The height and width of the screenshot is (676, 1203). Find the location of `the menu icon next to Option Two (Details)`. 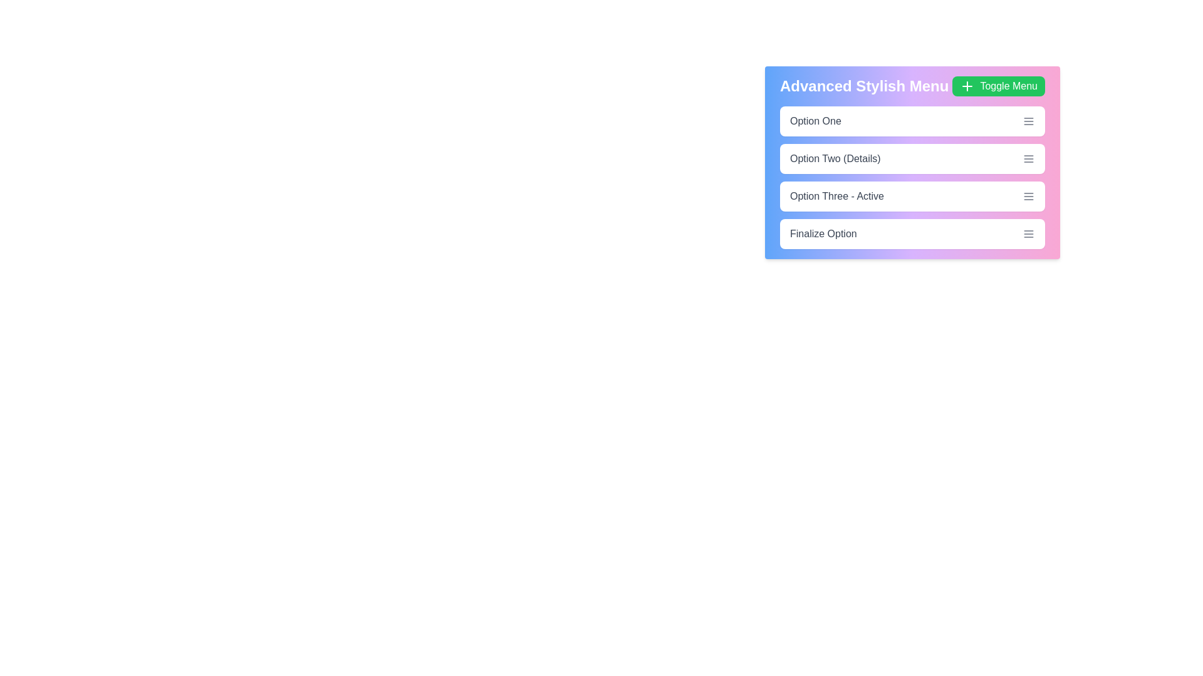

the menu icon next to Option Two (Details) is located at coordinates (1028, 158).